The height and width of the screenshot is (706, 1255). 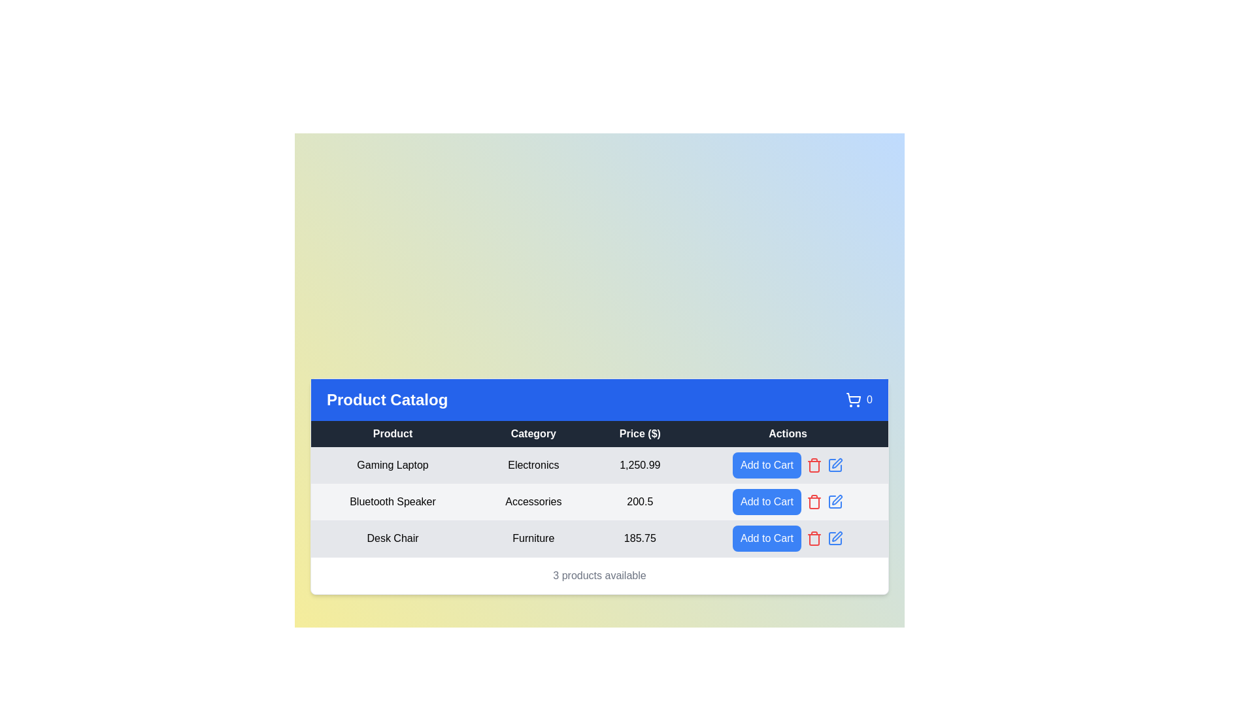 I want to click on the text label displaying the category information of the product listed in the second cell of the first row under the 'Product' header, so click(x=533, y=464).